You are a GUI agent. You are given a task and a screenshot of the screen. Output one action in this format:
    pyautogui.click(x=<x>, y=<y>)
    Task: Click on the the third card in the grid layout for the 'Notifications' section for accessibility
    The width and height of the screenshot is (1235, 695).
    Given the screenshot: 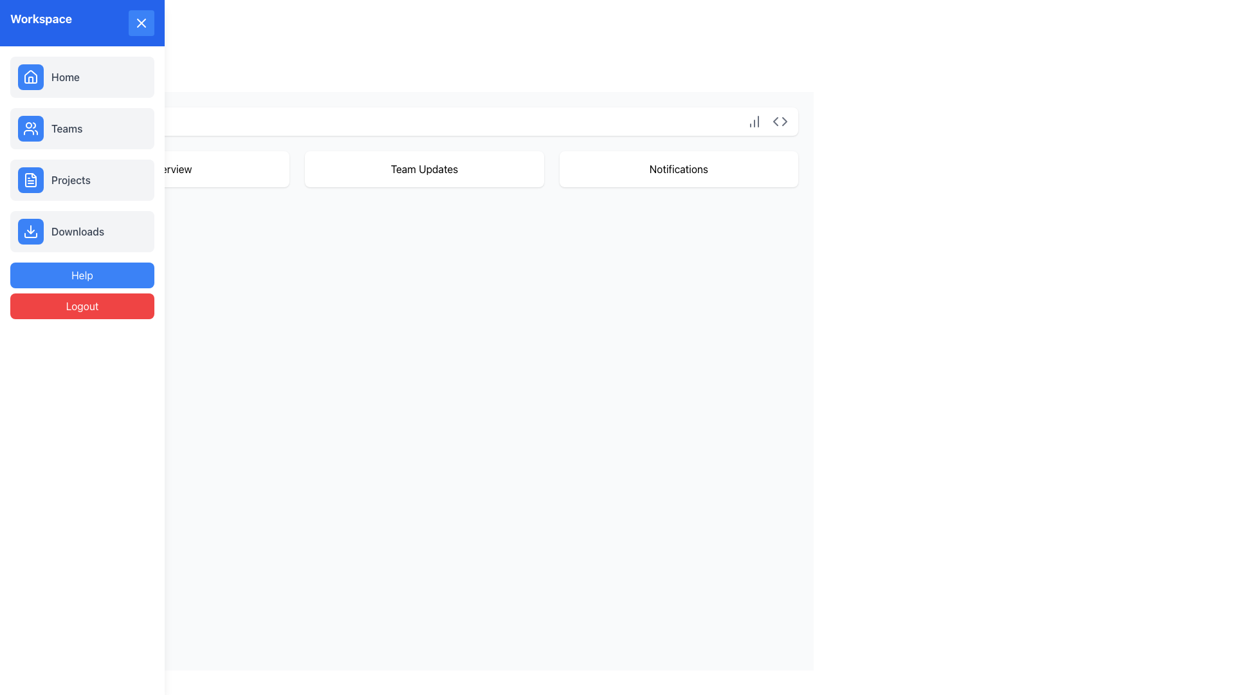 What is the action you would take?
    pyautogui.click(x=678, y=168)
    